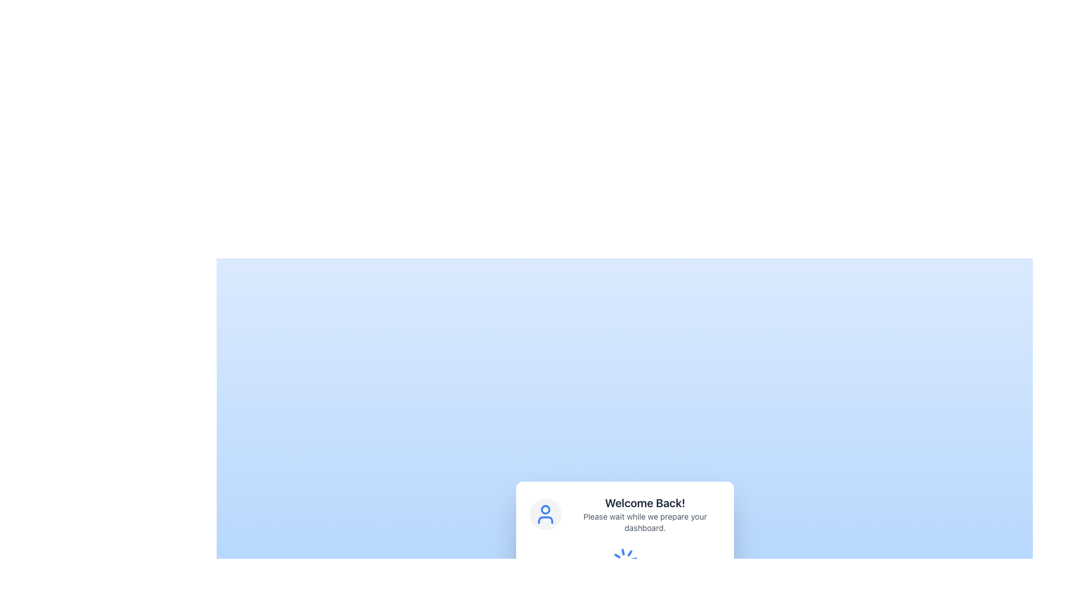 This screenshot has width=1089, height=612. I want to click on the blue circular graphic representing the head of the user avatar icon located in the bottom panel of the application interface, so click(545, 509).